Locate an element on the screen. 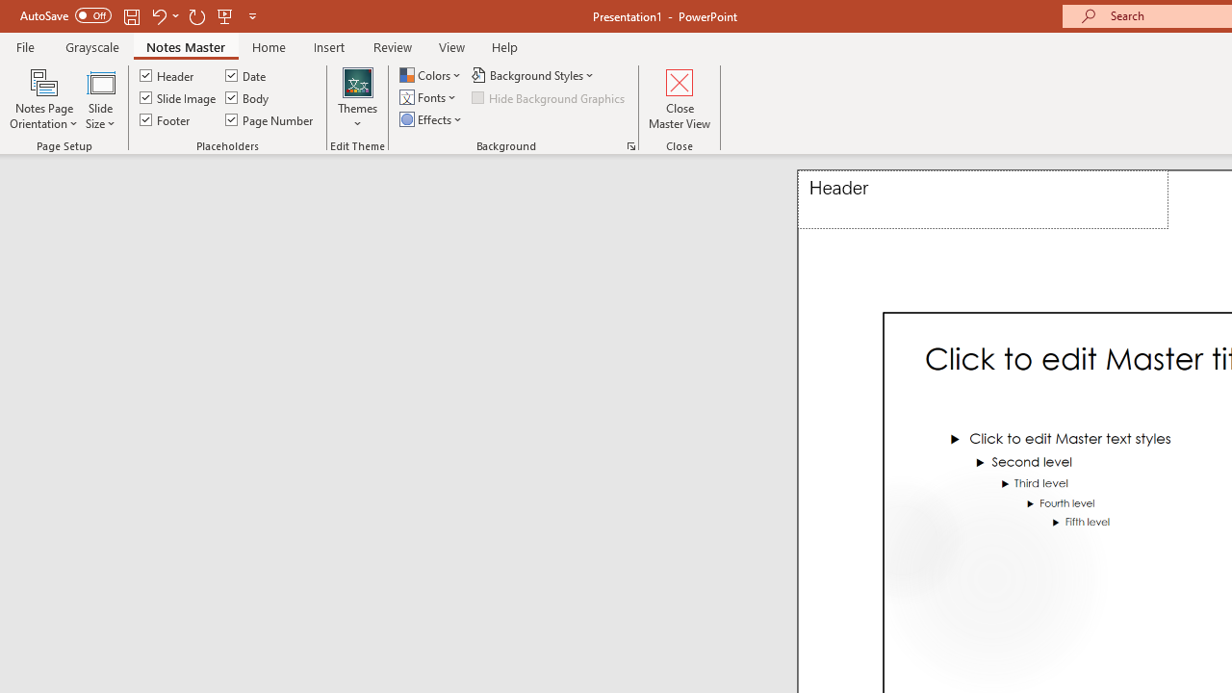 Image resolution: width=1232 pixels, height=693 pixels. 'Footer' is located at coordinates (166, 119).